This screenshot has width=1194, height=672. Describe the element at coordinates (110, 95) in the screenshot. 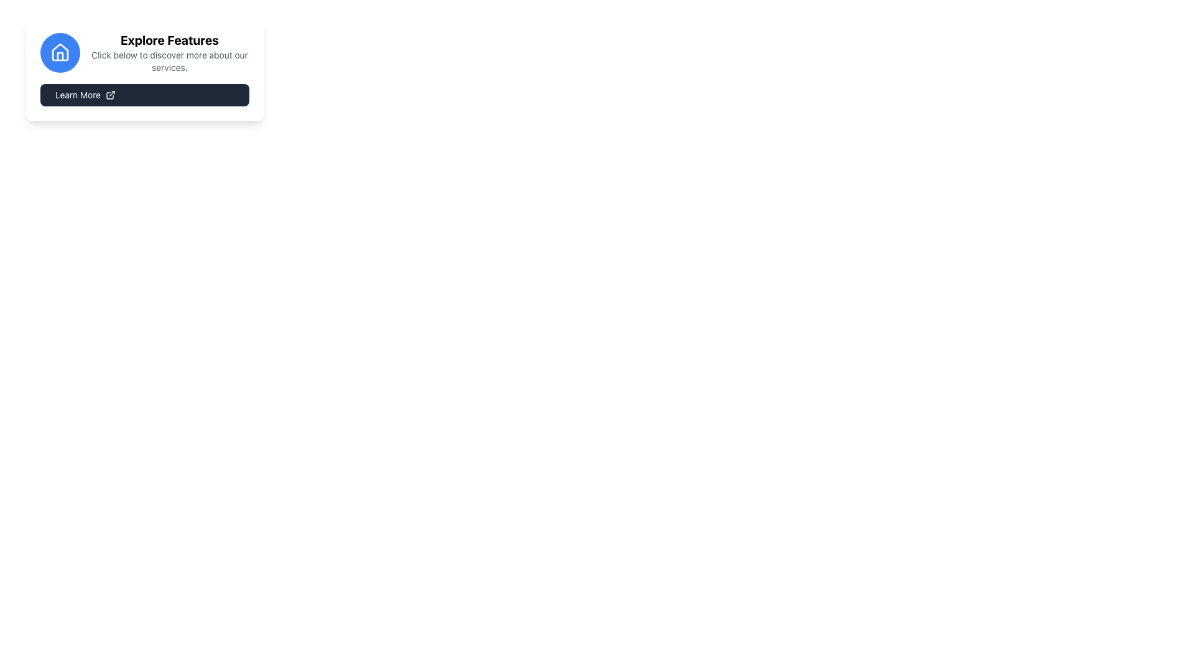

I see `the graphical icon element located on the right side of the 'Learn More' button, which visually indicates that clicking the button will open an external link` at that location.